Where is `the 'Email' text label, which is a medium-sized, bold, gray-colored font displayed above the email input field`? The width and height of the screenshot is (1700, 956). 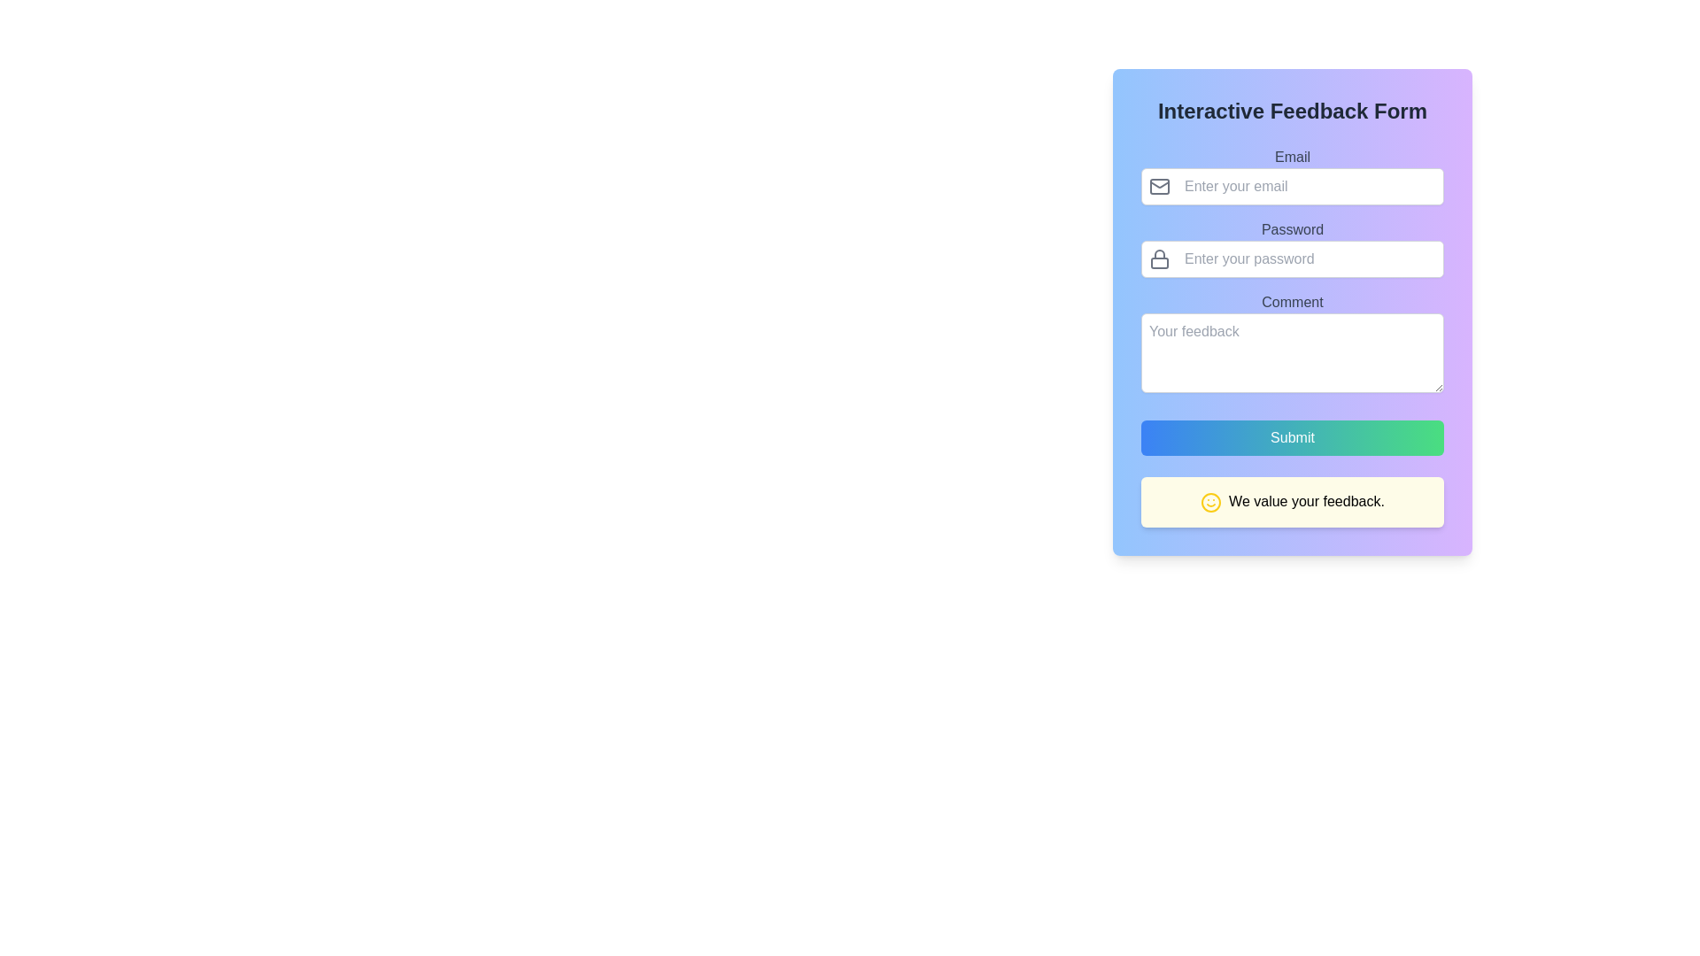 the 'Email' text label, which is a medium-sized, bold, gray-colored font displayed above the email input field is located at coordinates (1292, 156).